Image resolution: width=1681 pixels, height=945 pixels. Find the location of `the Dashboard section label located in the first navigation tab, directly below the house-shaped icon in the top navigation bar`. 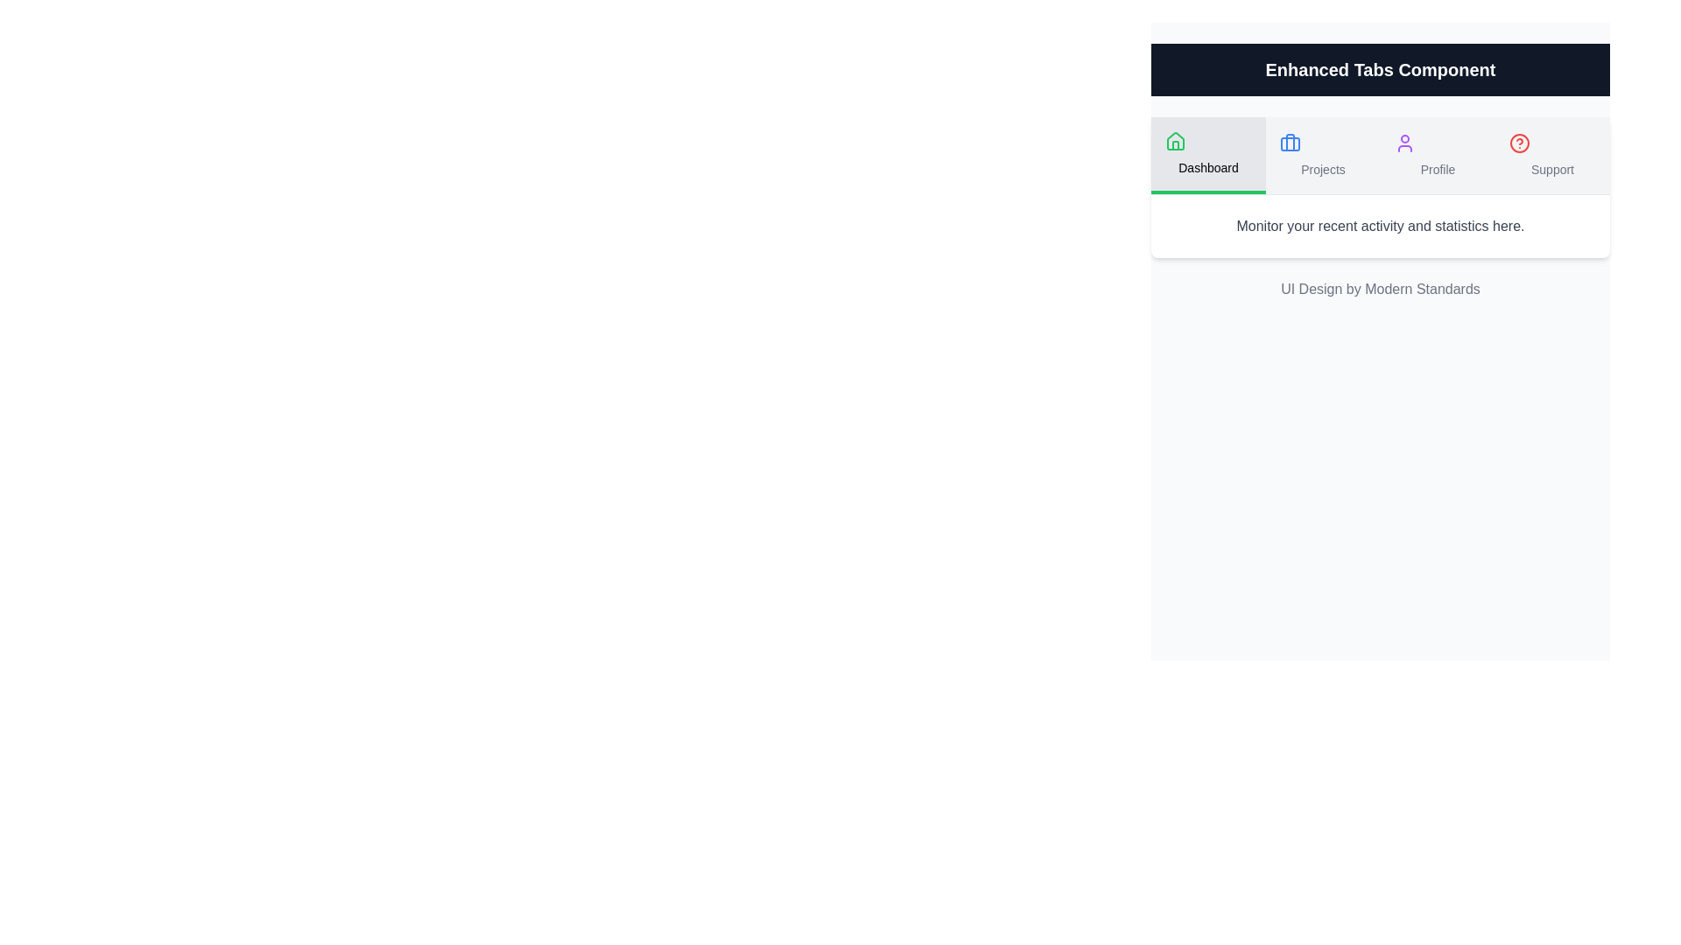

the Dashboard section label located in the first navigation tab, directly below the house-shaped icon in the top navigation bar is located at coordinates (1207, 168).